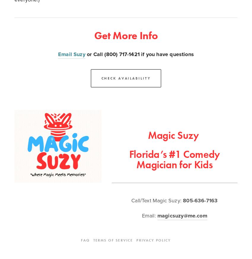 This screenshot has height=259, width=252. I want to click on 'Call/Text Magic Suzy:', so click(157, 200).